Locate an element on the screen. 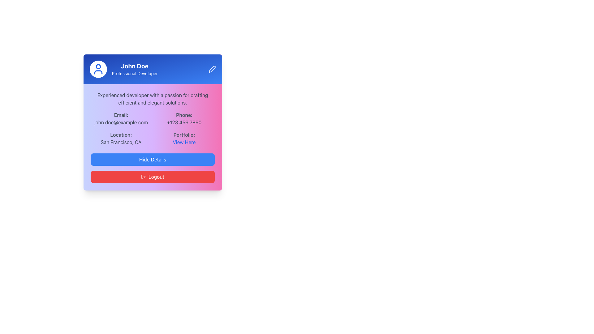  the hyperlink text link located below the email and phone details, adjacent to the 'Portfolio:' label in the lower half of the card is located at coordinates (184, 142).